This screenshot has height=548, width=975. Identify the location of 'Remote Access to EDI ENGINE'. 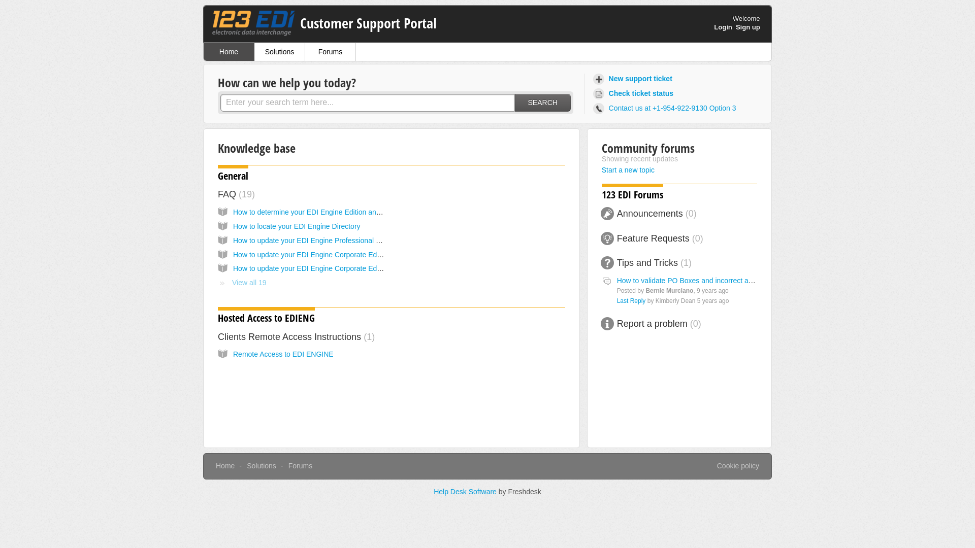
(283, 354).